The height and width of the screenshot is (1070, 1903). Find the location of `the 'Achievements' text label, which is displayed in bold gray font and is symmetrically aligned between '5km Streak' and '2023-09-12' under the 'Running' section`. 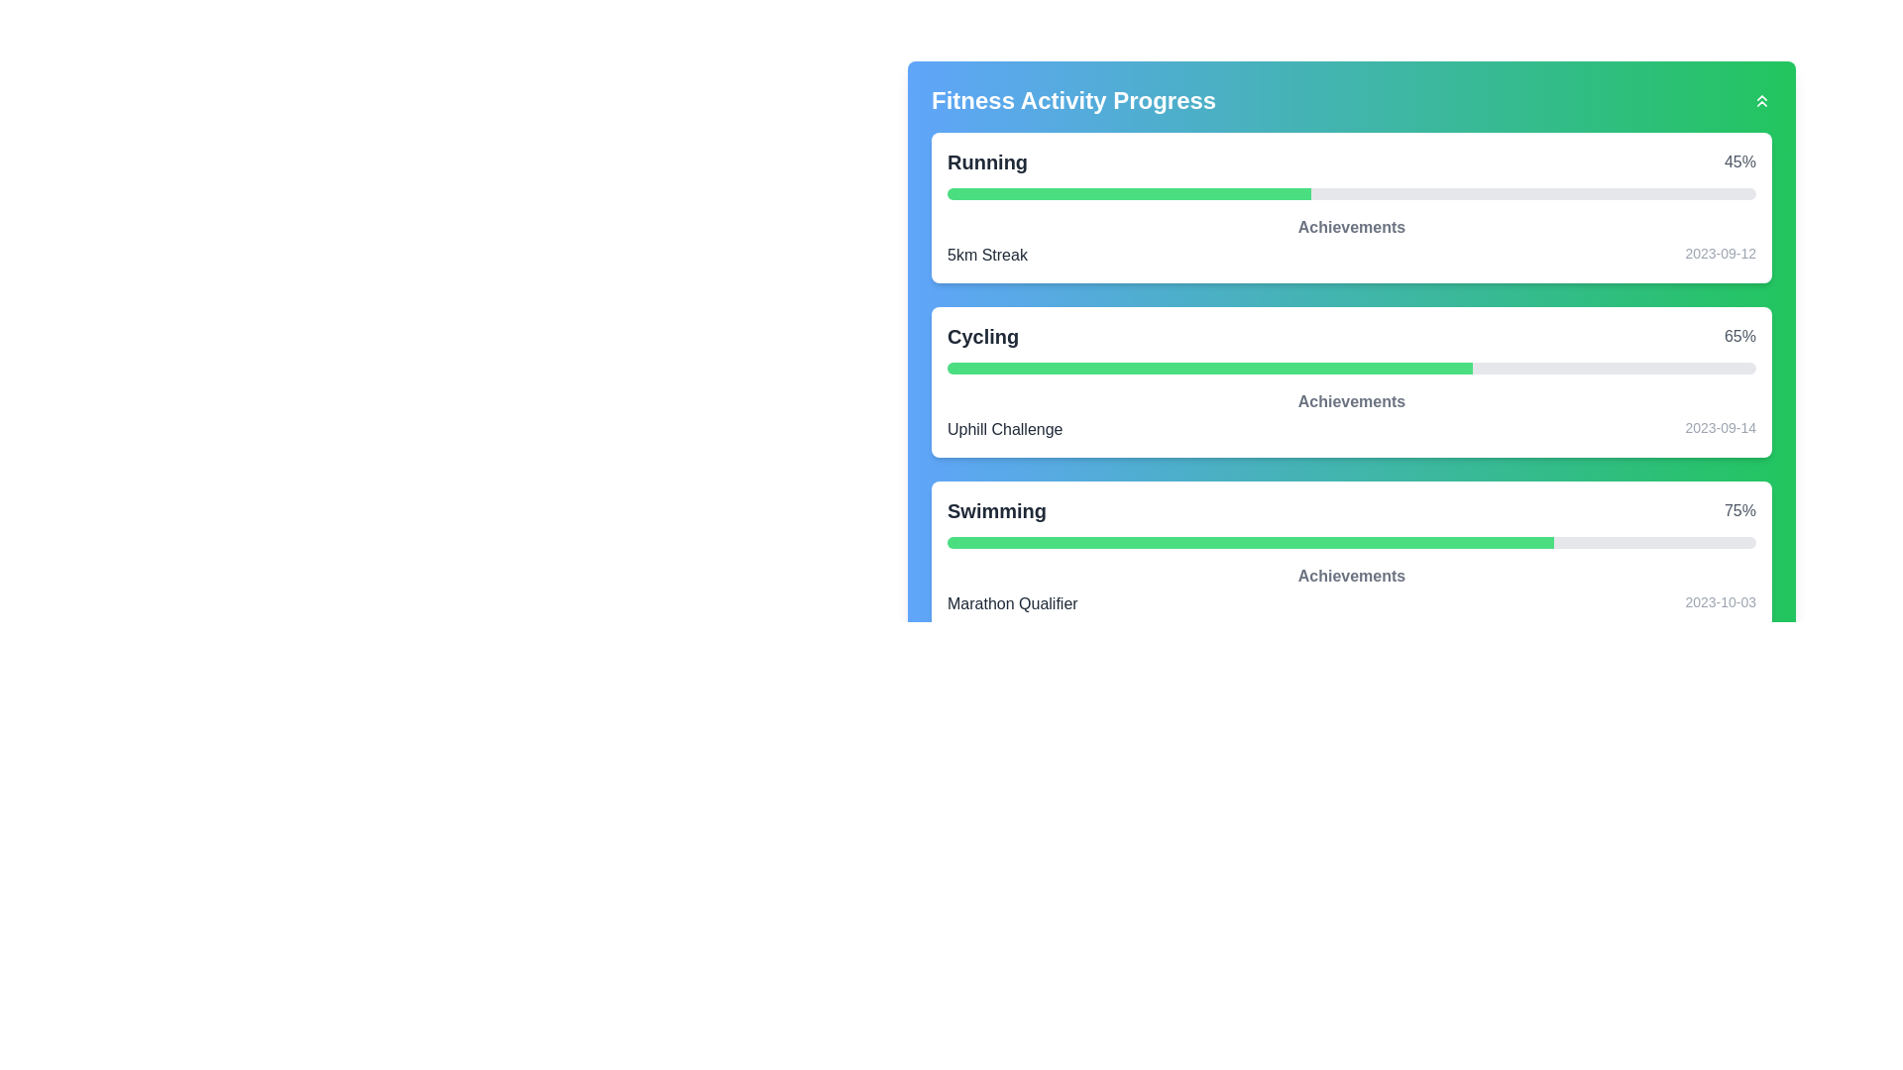

the 'Achievements' text label, which is displayed in bold gray font and is symmetrically aligned between '5km Streak' and '2023-09-12' under the 'Running' section is located at coordinates (1350, 240).